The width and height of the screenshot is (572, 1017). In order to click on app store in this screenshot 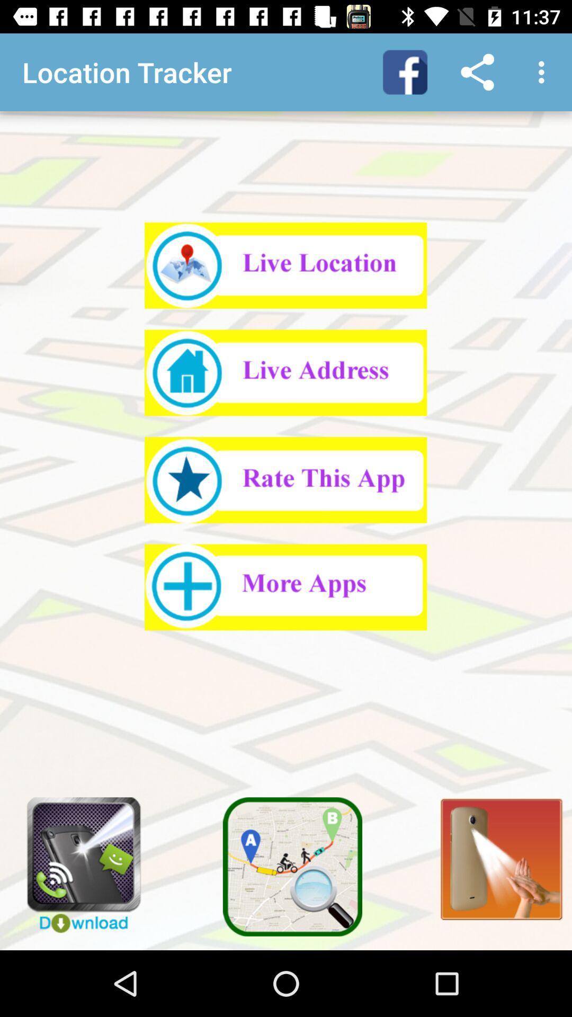, I will do `click(285, 586)`.